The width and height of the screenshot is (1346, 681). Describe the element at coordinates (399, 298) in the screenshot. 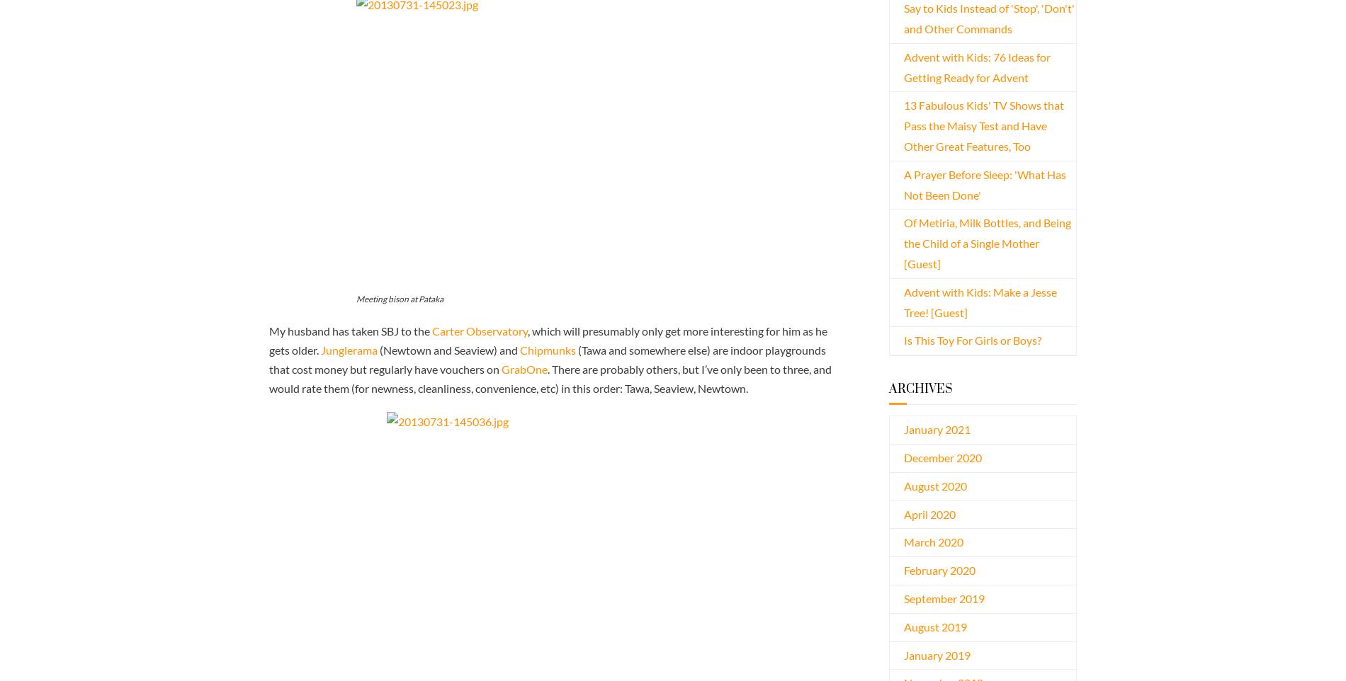

I see `'Meeting bison at Pataka'` at that location.